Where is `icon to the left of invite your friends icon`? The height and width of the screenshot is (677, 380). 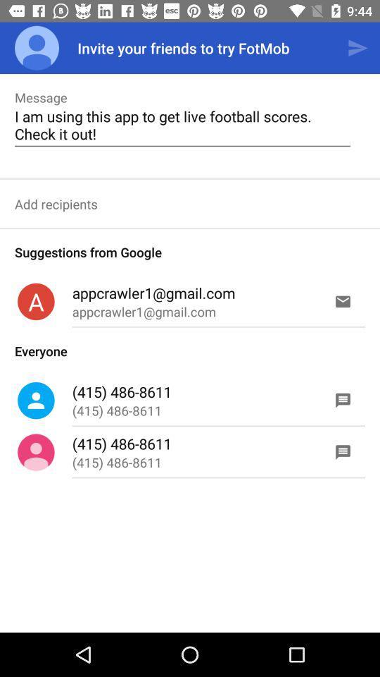 icon to the left of invite your friends icon is located at coordinates (37, 48).